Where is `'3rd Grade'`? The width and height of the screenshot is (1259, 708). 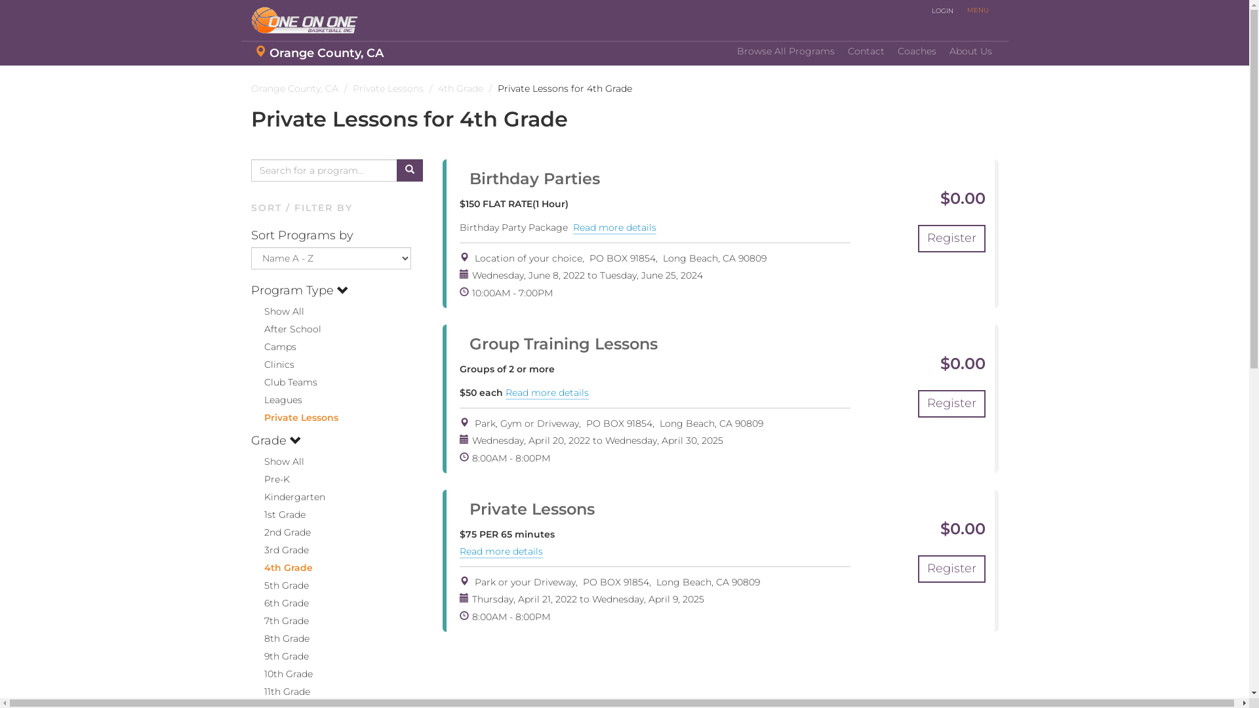
'3rd Grade' is located at coordinates (250, 550).